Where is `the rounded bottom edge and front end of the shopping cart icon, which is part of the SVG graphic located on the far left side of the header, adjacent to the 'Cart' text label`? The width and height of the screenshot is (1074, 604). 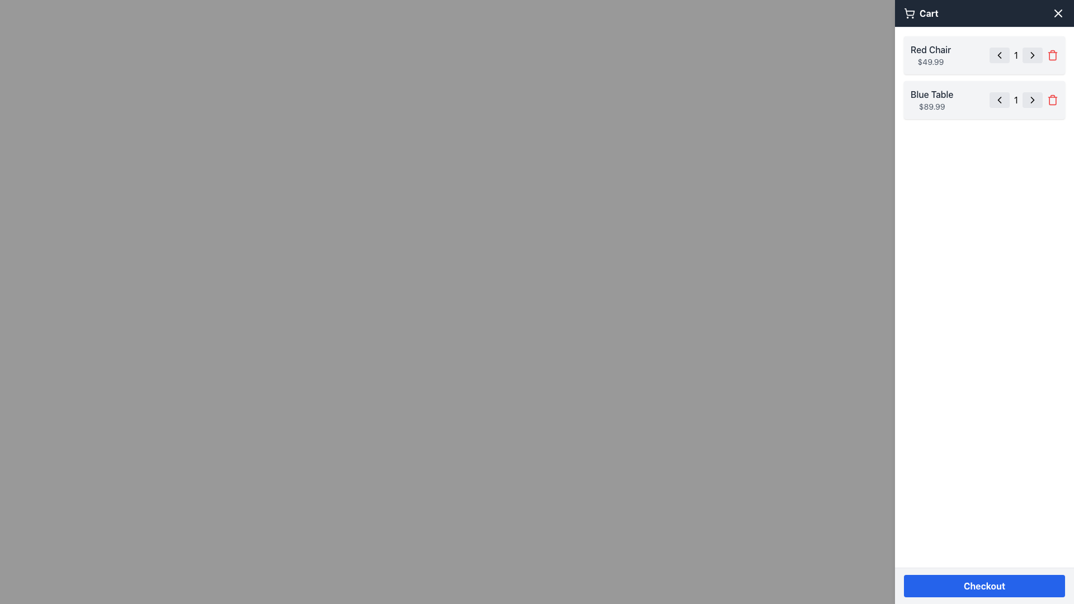 the rounded bottom edge and front end of the shopping cart icon, which is part of the SVG graphic located on the far left side of the header, adjacent to the 'Cart' text label is located at coordinates (910, 12).